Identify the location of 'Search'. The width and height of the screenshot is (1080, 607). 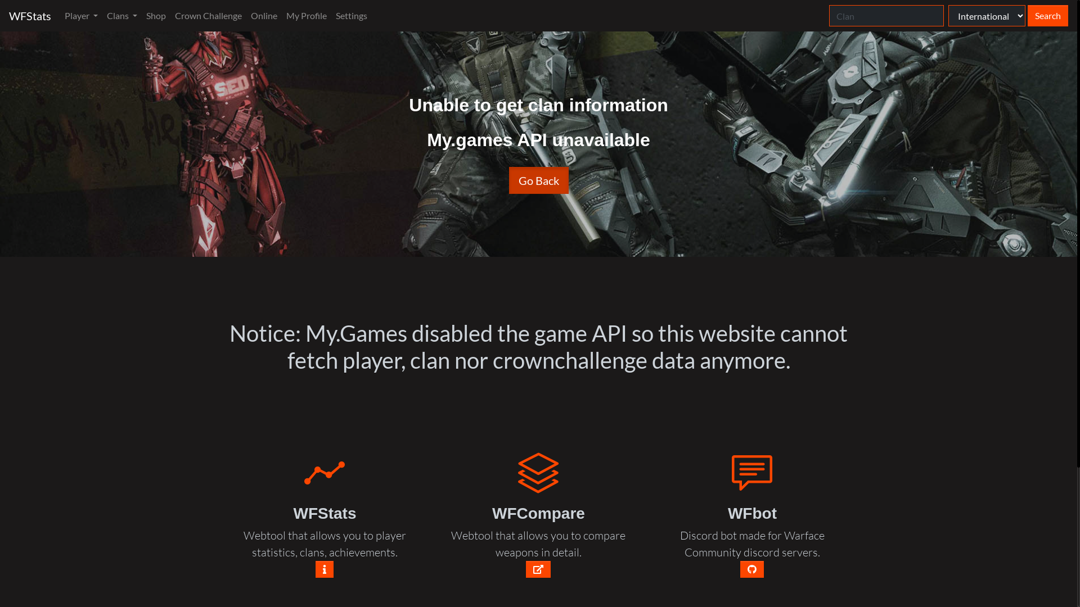
(1047, 15).